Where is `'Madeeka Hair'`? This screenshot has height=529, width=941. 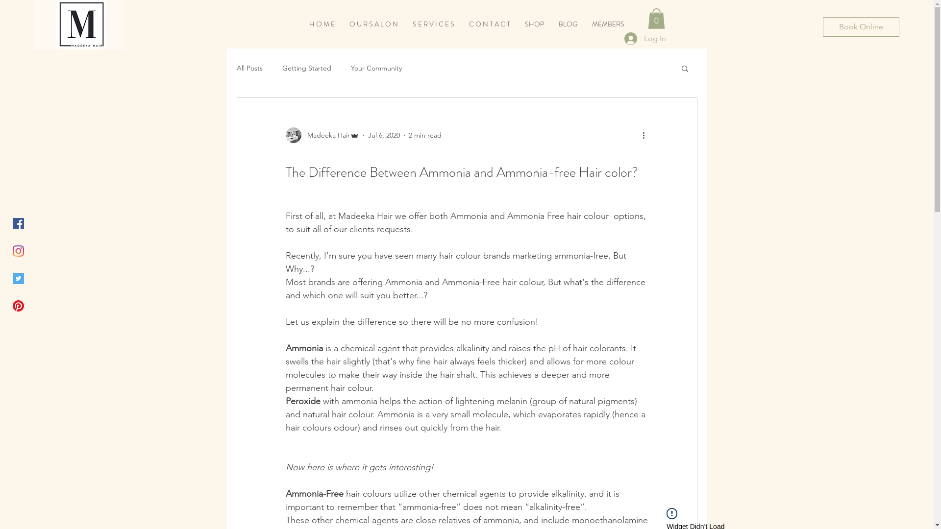 'Madeeka Hair' is located at coordinates (322, 135).